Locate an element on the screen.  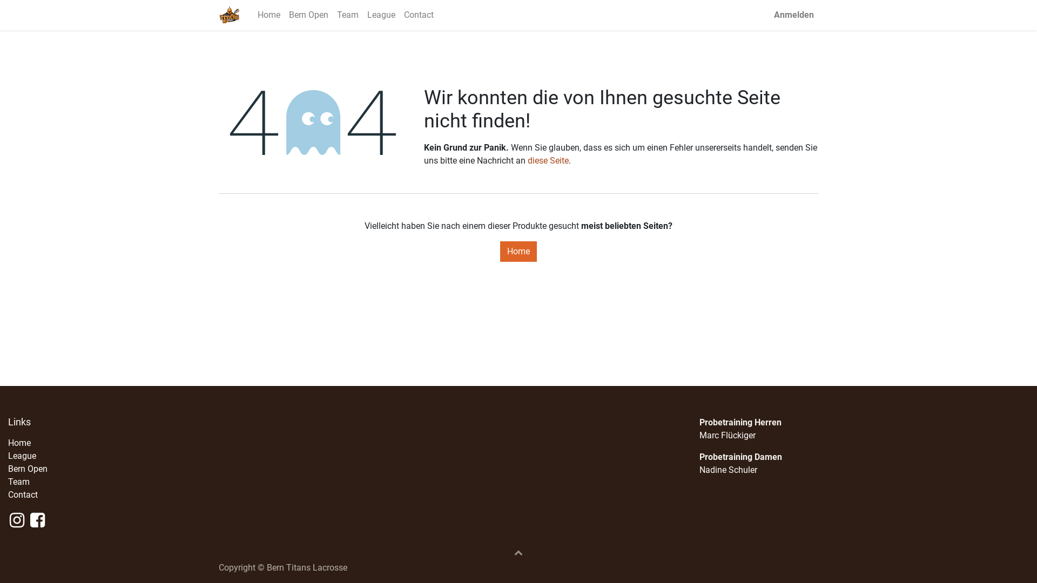
'Nach Oben Scrollen' is located at coordinates (505, 552).